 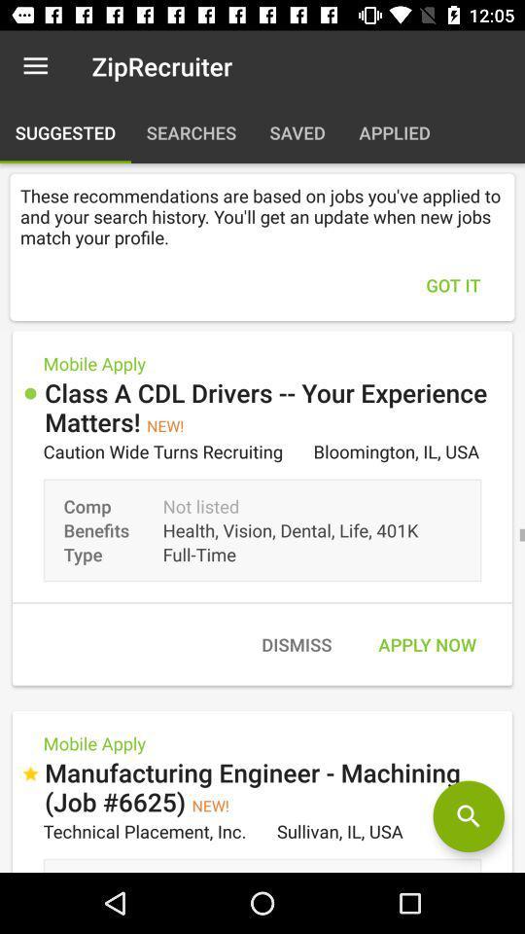 I want to click on the item next to dismiss icon, so click(x=426, y=644).